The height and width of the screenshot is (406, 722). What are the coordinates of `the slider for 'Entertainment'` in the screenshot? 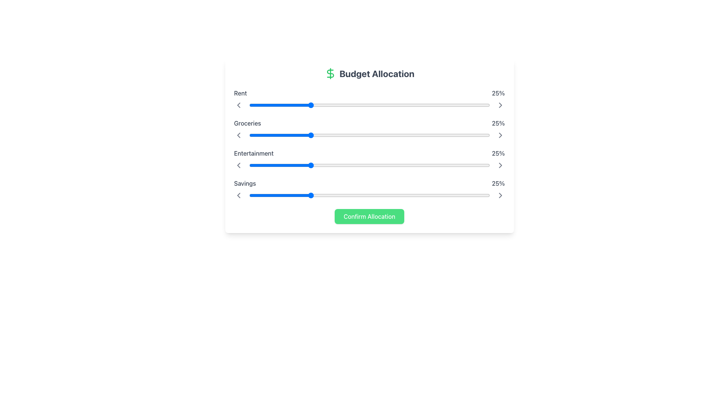 It's located at (345, 165).